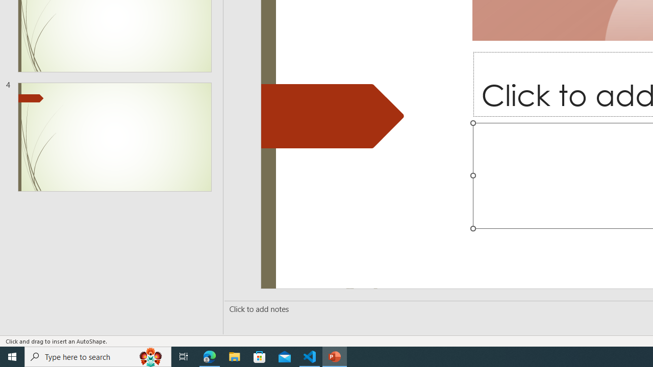 This screenshot has height=367, width=653. I want to click on 'Decorative Locked', so click(333, 115).